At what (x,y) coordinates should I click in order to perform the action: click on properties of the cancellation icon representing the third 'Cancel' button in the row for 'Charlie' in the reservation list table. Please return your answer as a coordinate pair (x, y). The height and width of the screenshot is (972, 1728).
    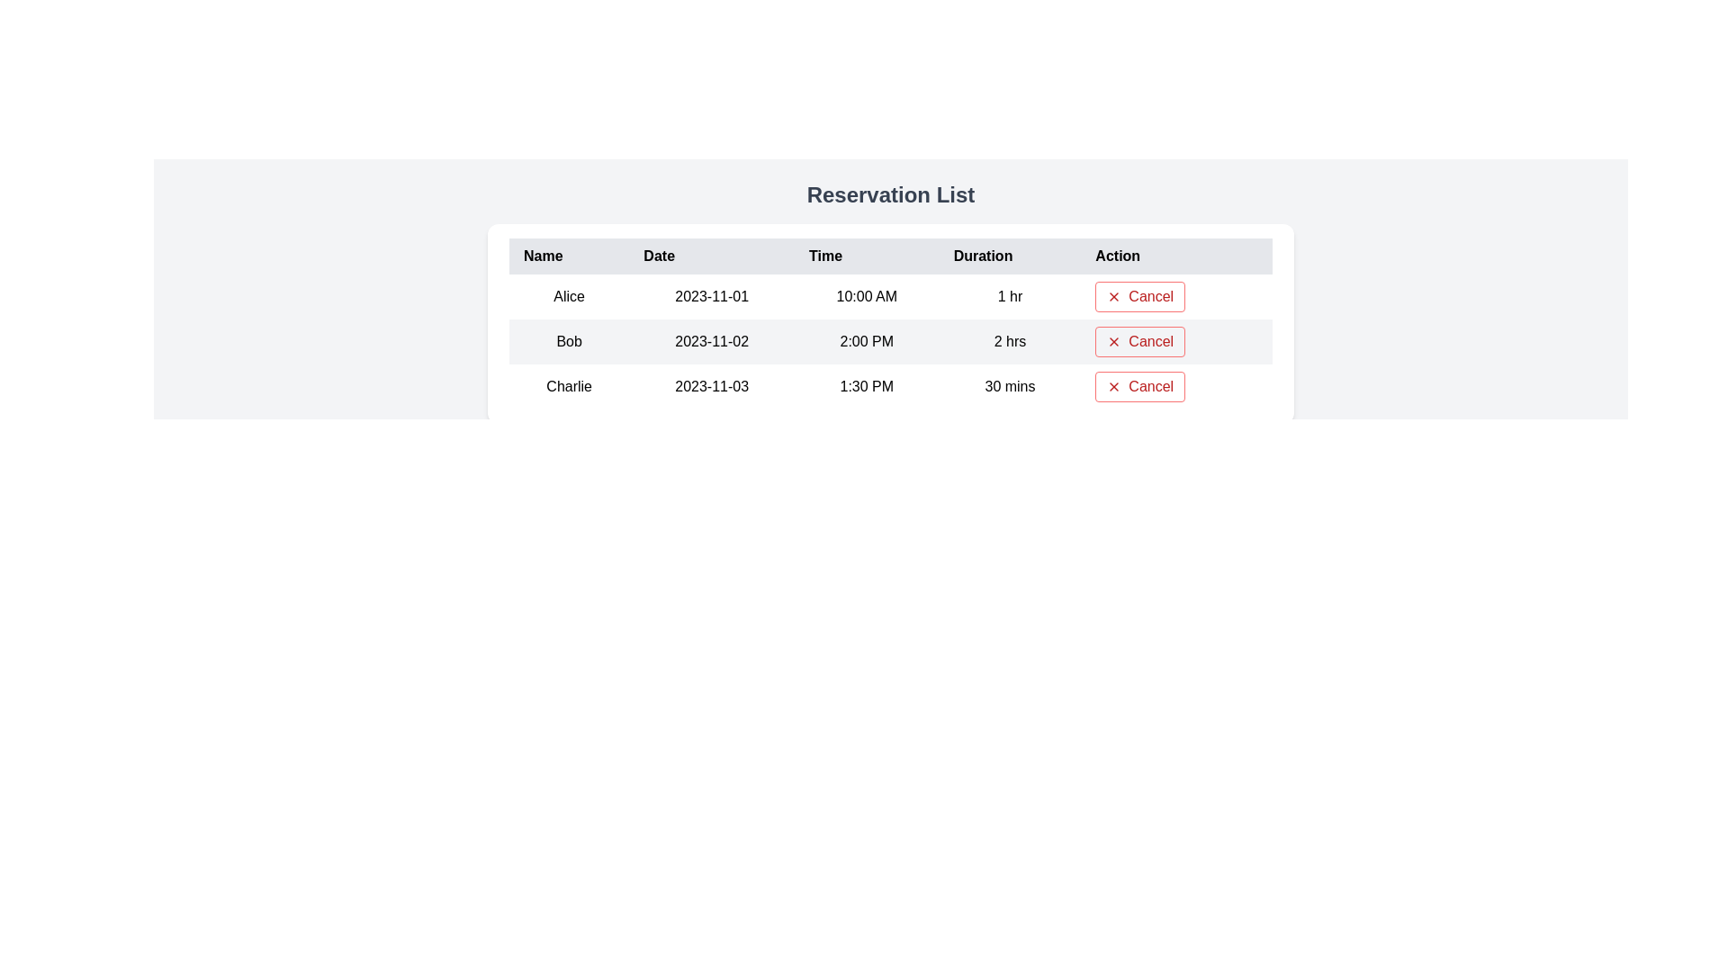
    Looking at the image, I should click on (1113, 385).